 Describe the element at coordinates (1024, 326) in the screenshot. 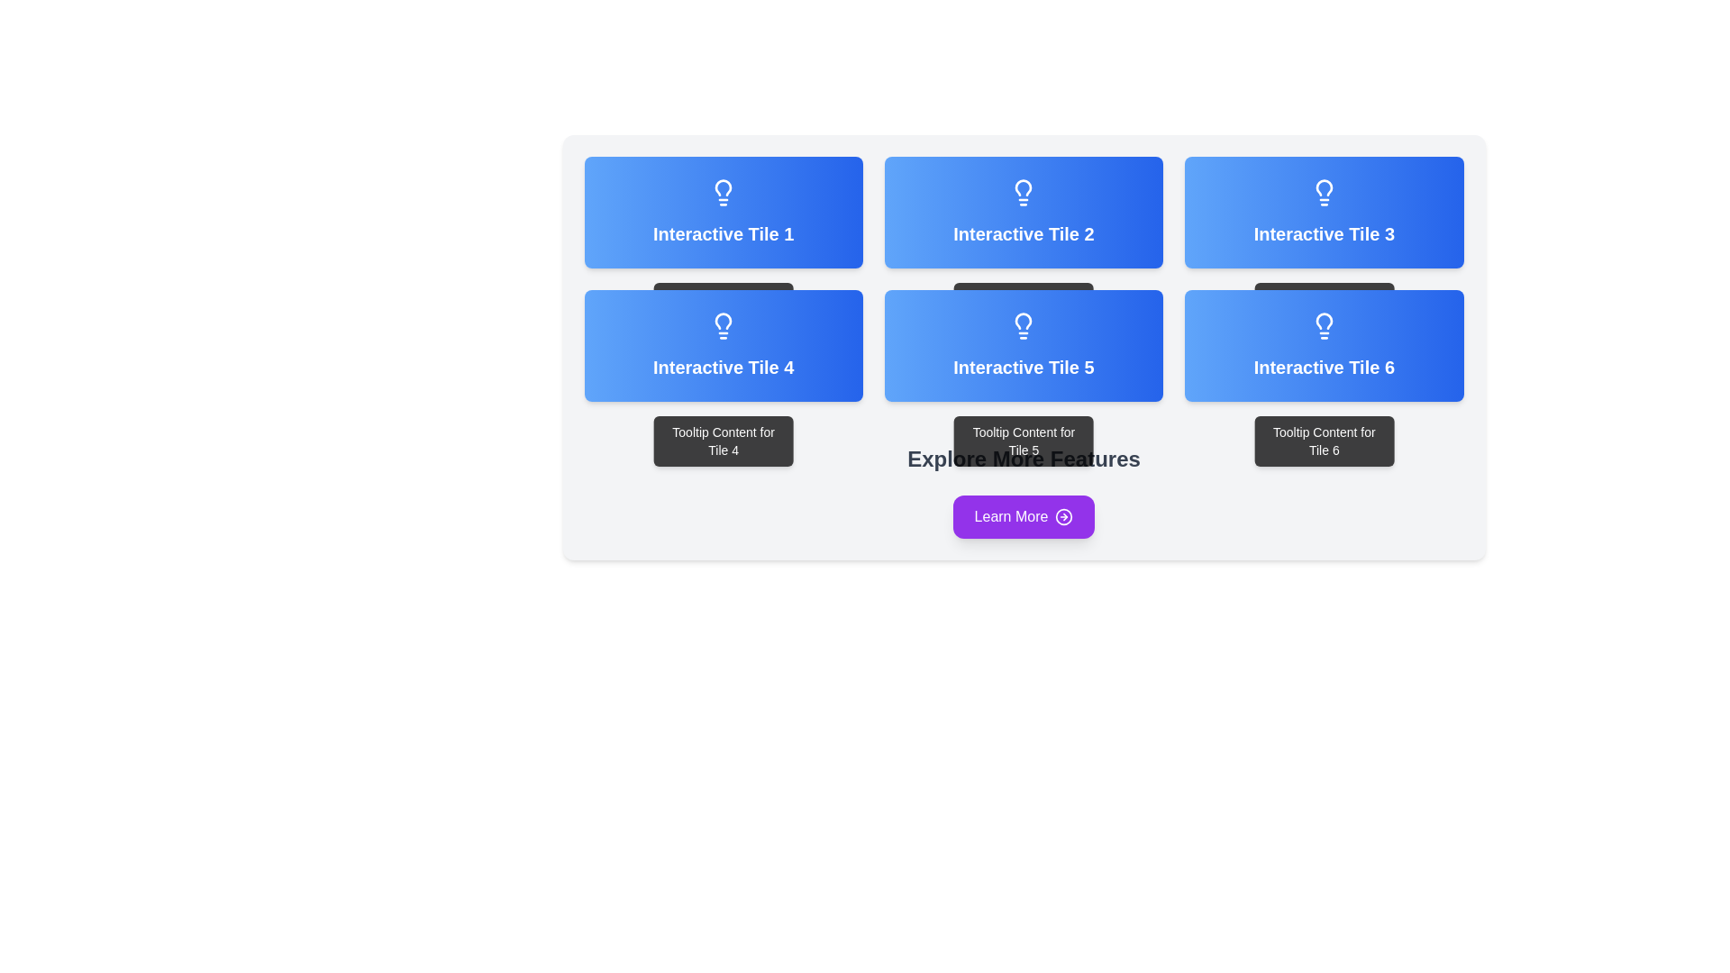

I see `the lightbulb icon with a white outline, located in the 'Interactive Tile 5', which is centered in the bottom row of tiles` at that location.